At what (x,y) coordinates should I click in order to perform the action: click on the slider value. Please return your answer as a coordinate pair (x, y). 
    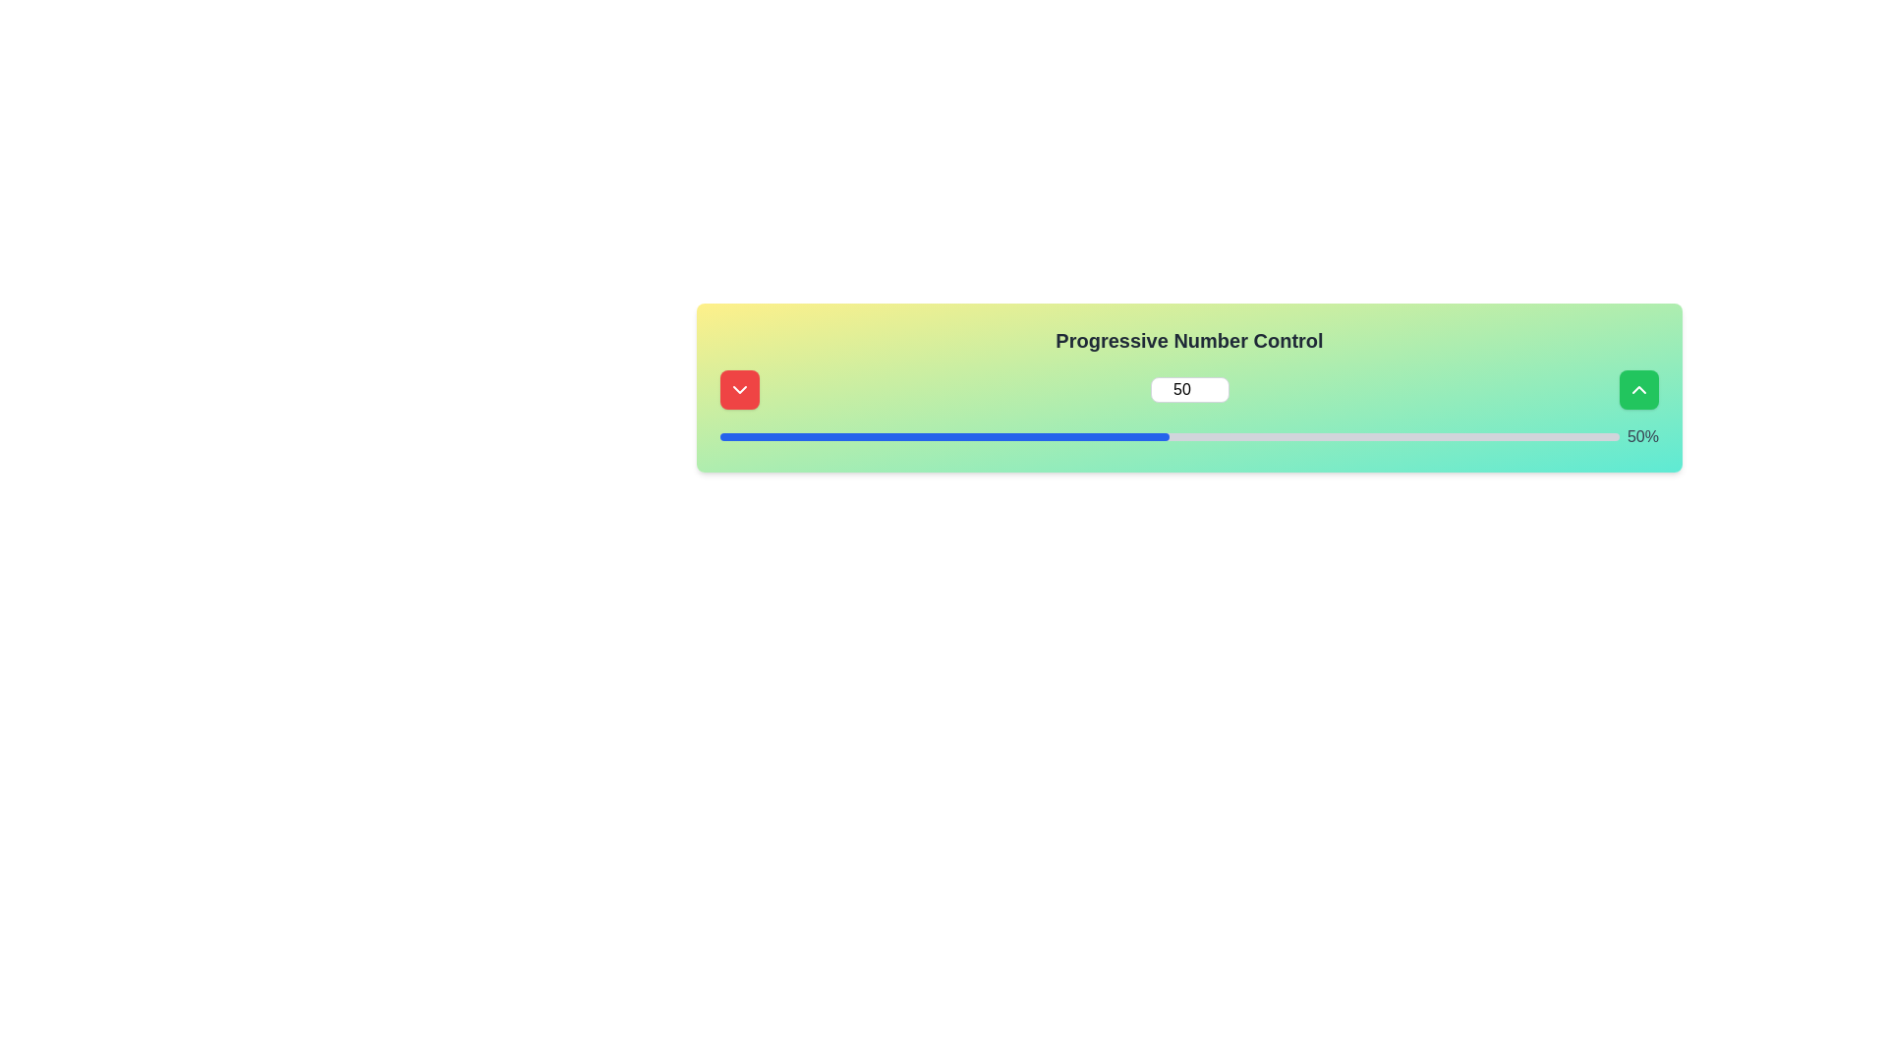
    Looking at the image, I should click on (723, 435).